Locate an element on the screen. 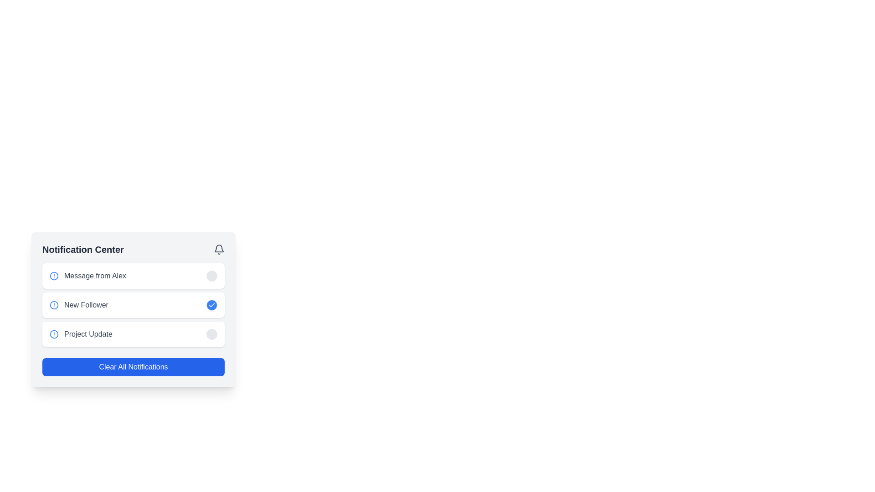  the Notification card that informs users of a message from Alex, located in the Notification Center above similar elements is located at coordinates (133, 275).